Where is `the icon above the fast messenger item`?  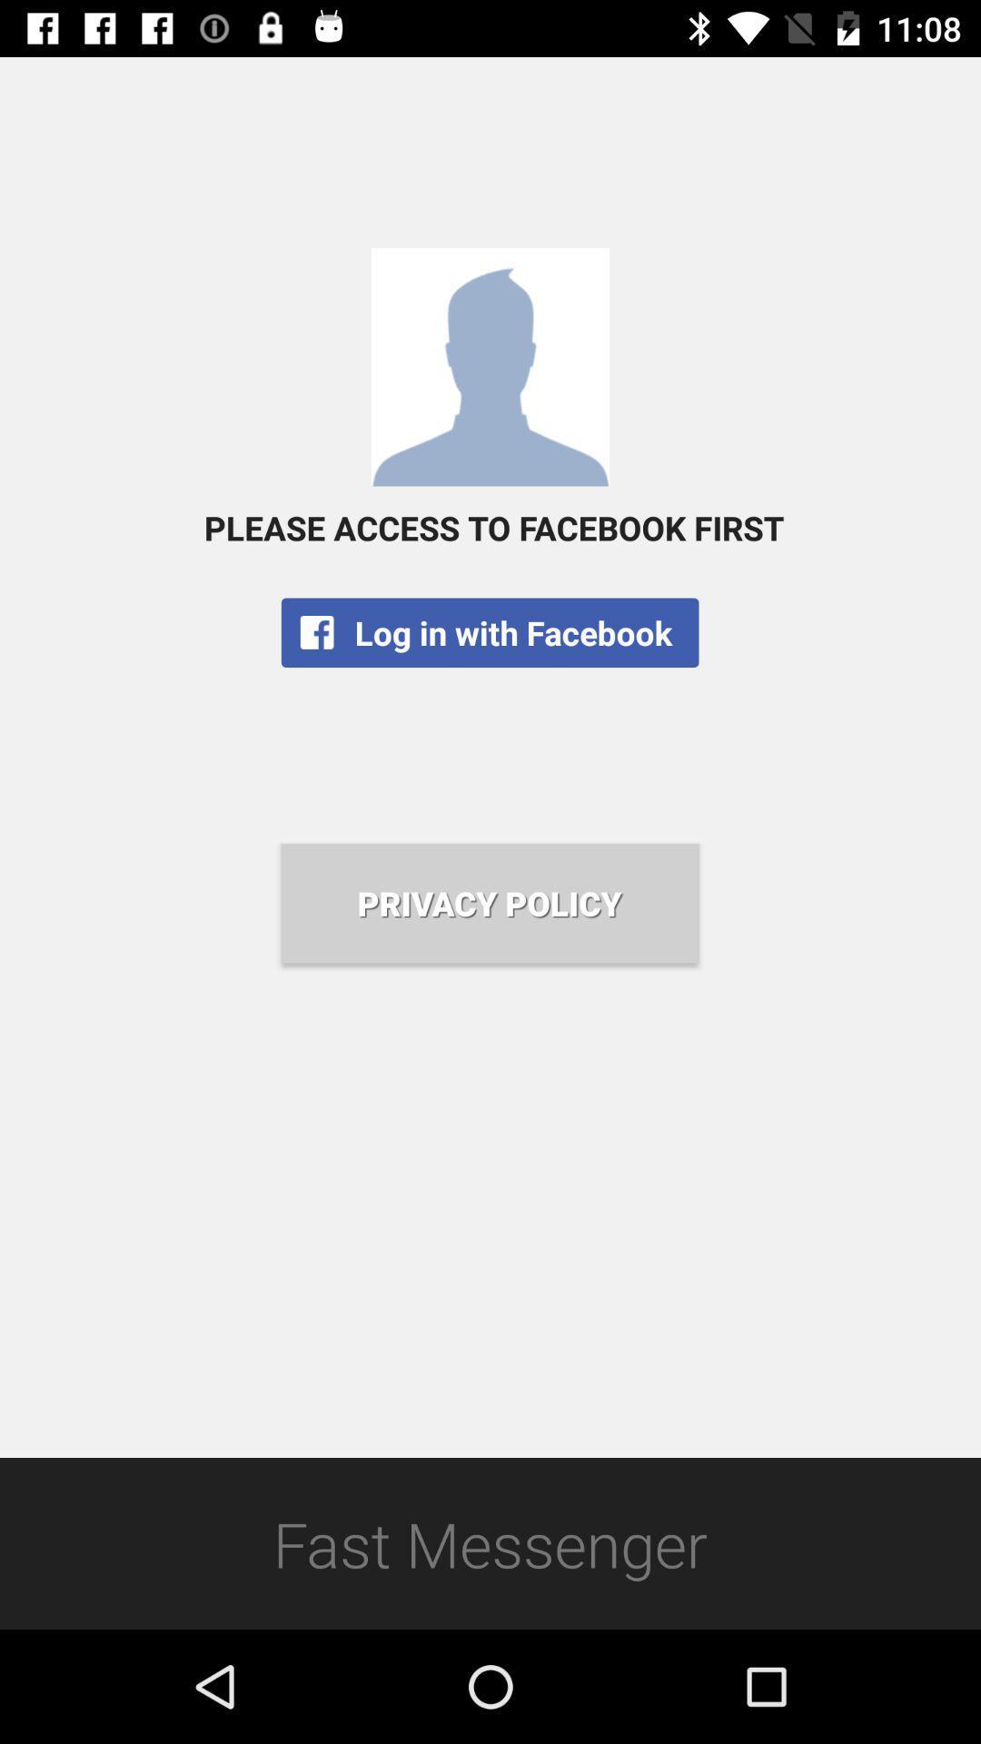 the icon above the fast messenger item is located at coordinates (489, 903).